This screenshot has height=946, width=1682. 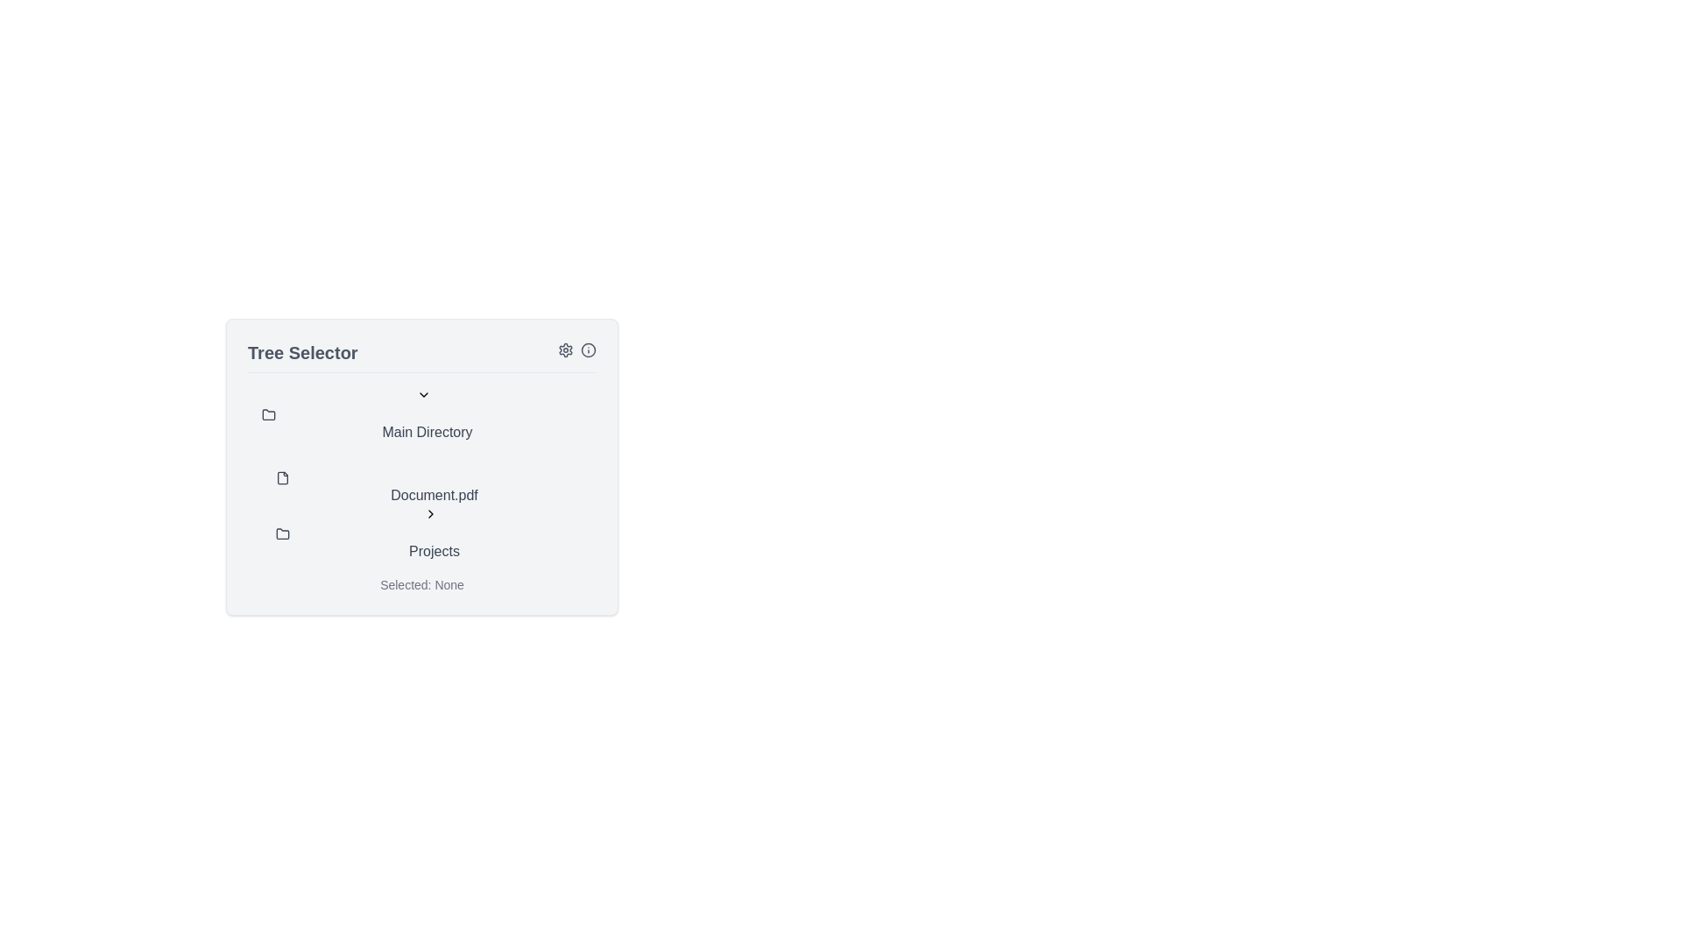 I want to click on the file icon representing 'Document.pdf' in the tree selector interface, located between 'Main Directory' above and 'Projects' below, so click(x=282, y=478).